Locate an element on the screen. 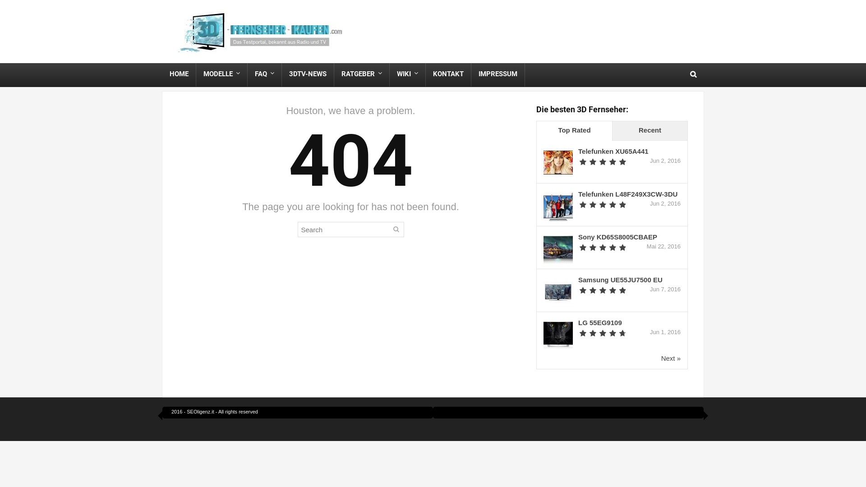 The height and width of the screenshot is (487, 866). 'KONTAKT' is located at coordinates (448, 74).